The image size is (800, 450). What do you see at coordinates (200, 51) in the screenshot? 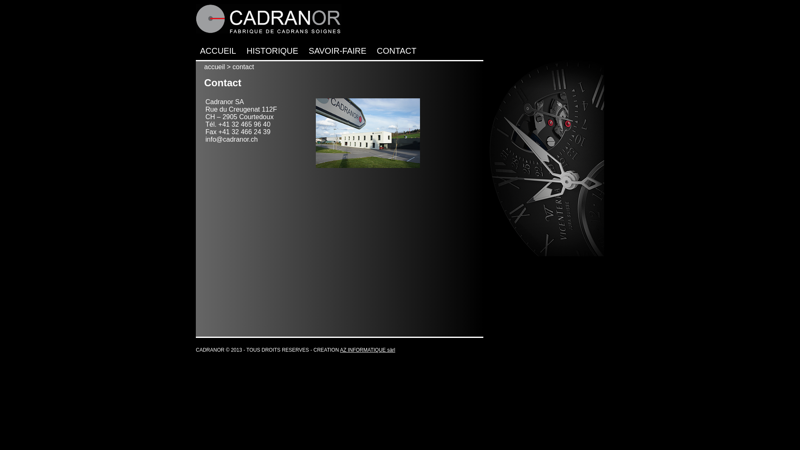
I see `'ACCUEIL'` at bounding box center [200, 51].